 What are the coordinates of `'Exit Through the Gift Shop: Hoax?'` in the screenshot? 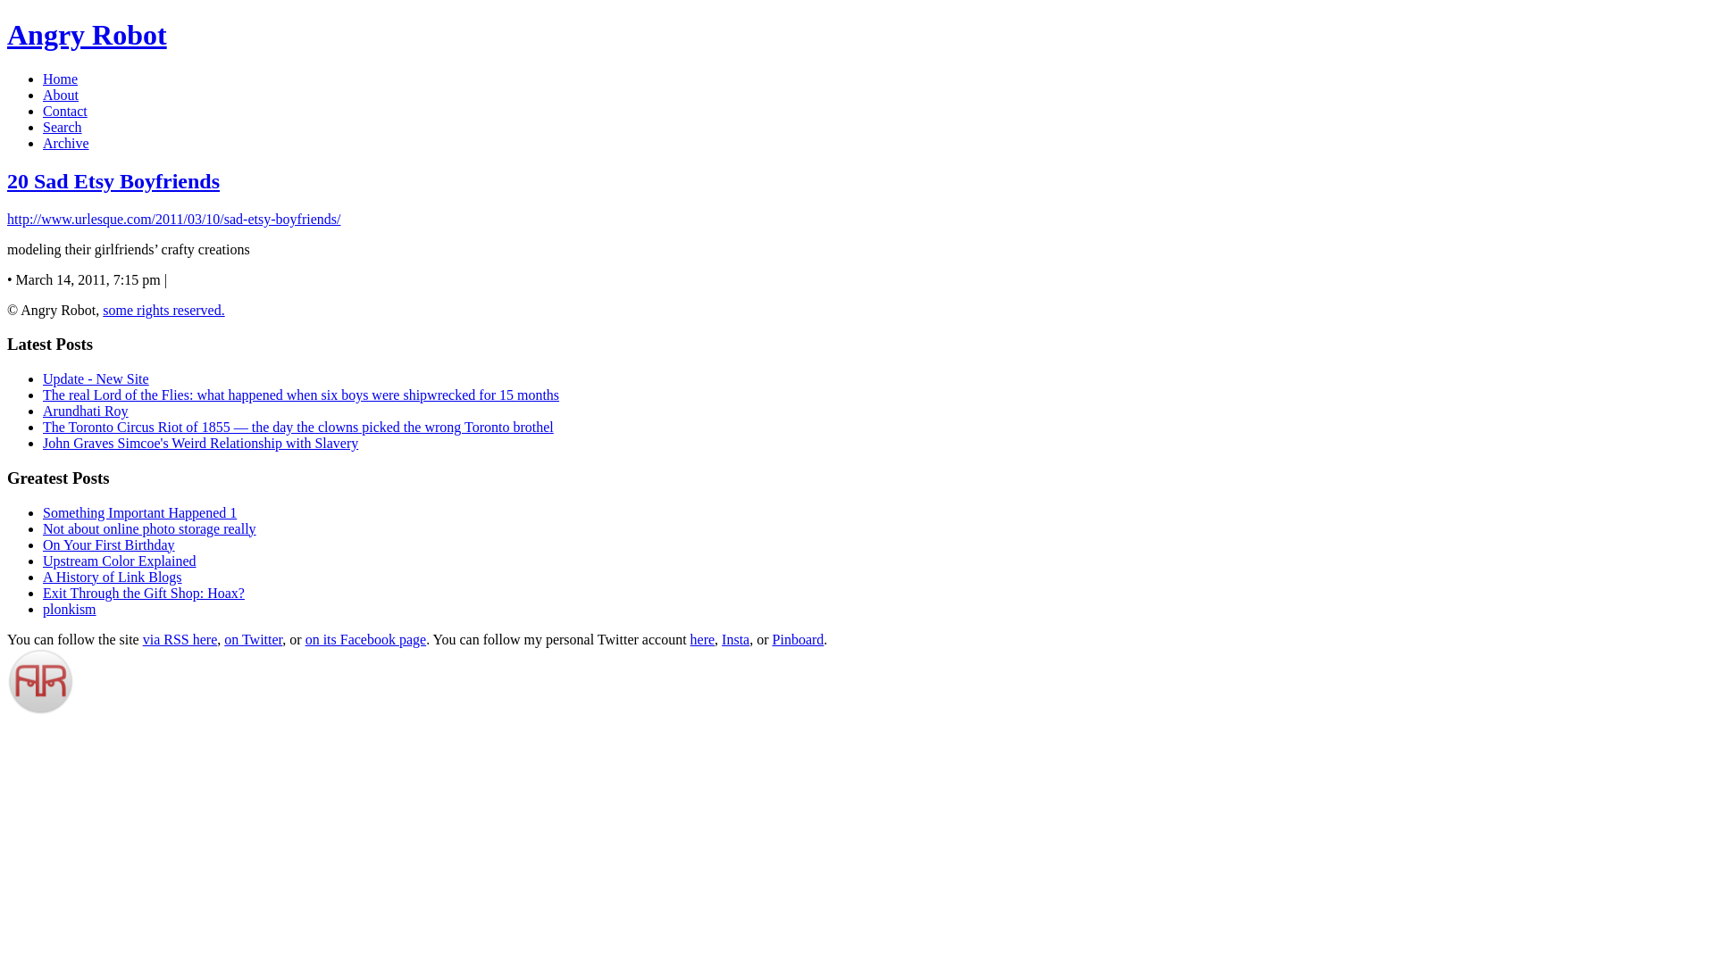 It's located at (144, 593).